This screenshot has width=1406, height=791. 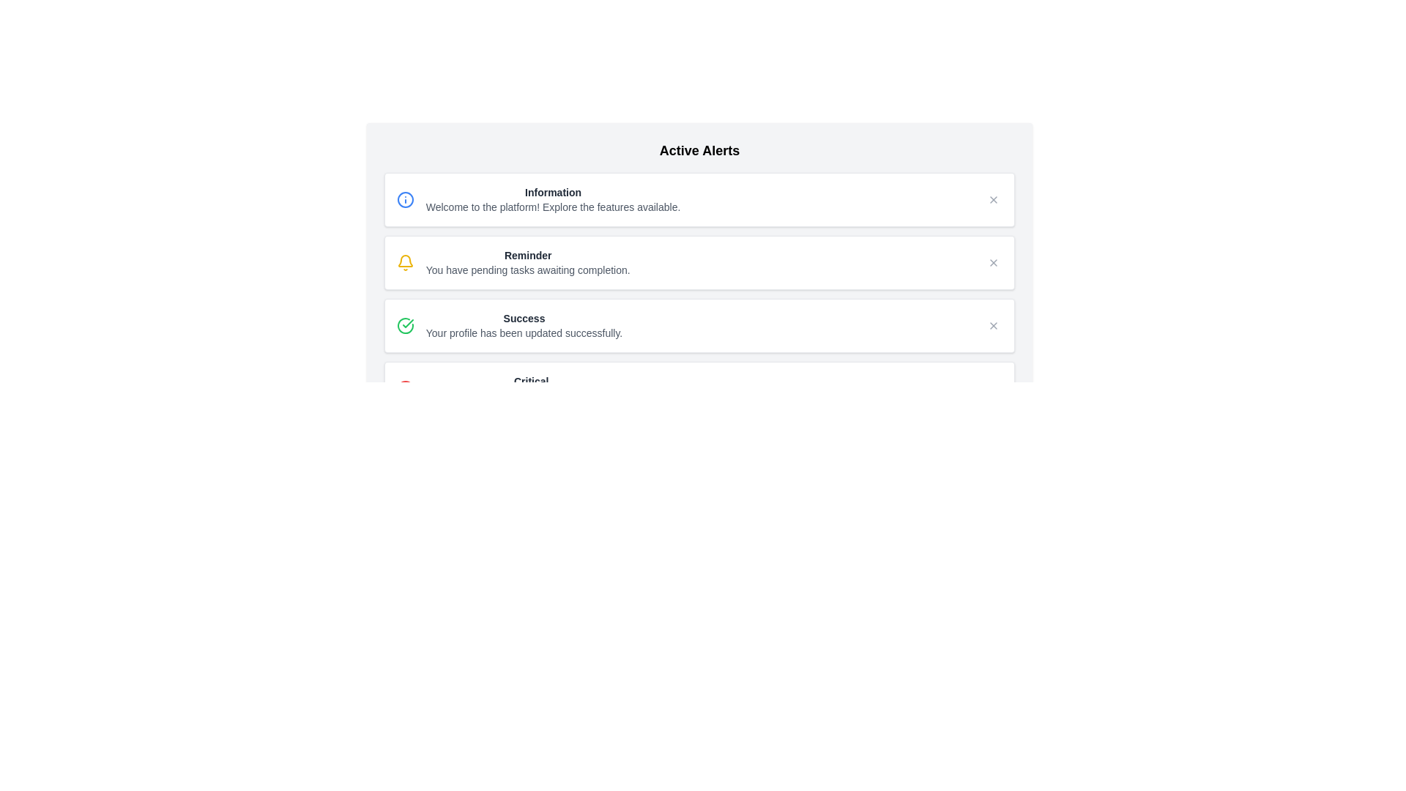 What do you see at coordinates (524, 324) in the screenshot?
I see `the notification text element that displays 'Success' and 'Your profile has been updated successfully.'` at bounding box center [524, 324].